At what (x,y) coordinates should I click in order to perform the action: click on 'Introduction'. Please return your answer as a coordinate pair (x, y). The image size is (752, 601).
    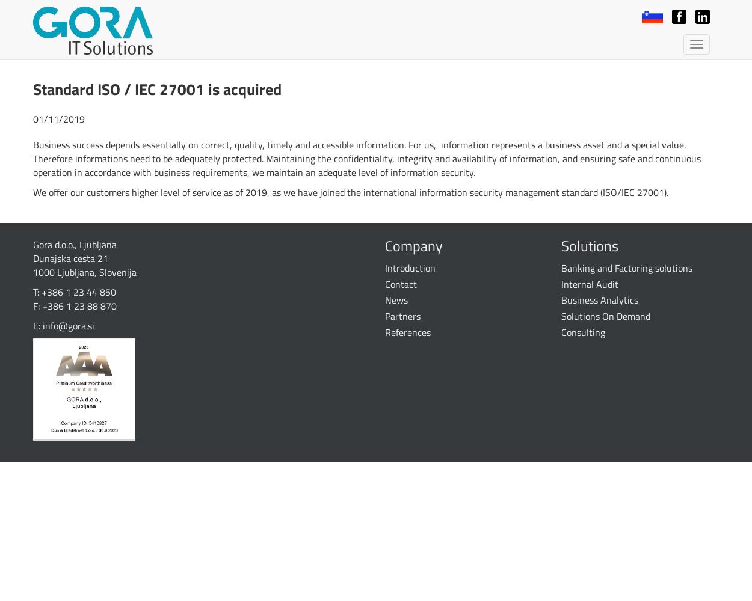
    Looking at the image, I should click on (410, 267).